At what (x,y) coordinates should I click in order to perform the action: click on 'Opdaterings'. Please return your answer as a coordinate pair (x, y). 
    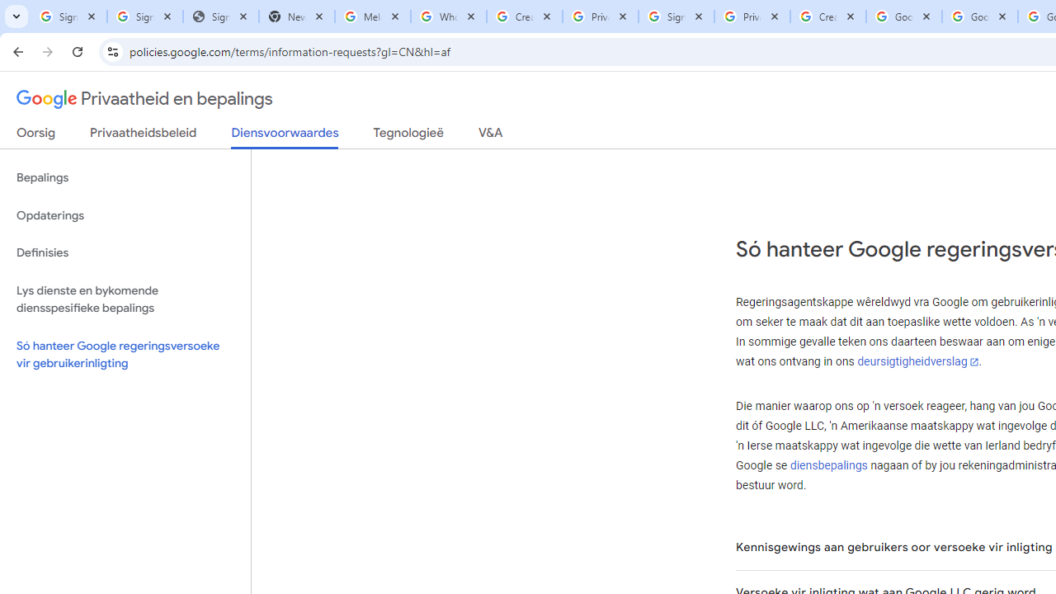
    Looking at the image, I should click on (125, 214).